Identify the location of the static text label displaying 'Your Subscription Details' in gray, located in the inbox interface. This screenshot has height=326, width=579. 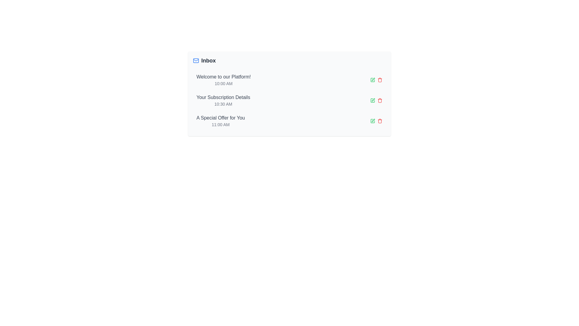
(223, 97).